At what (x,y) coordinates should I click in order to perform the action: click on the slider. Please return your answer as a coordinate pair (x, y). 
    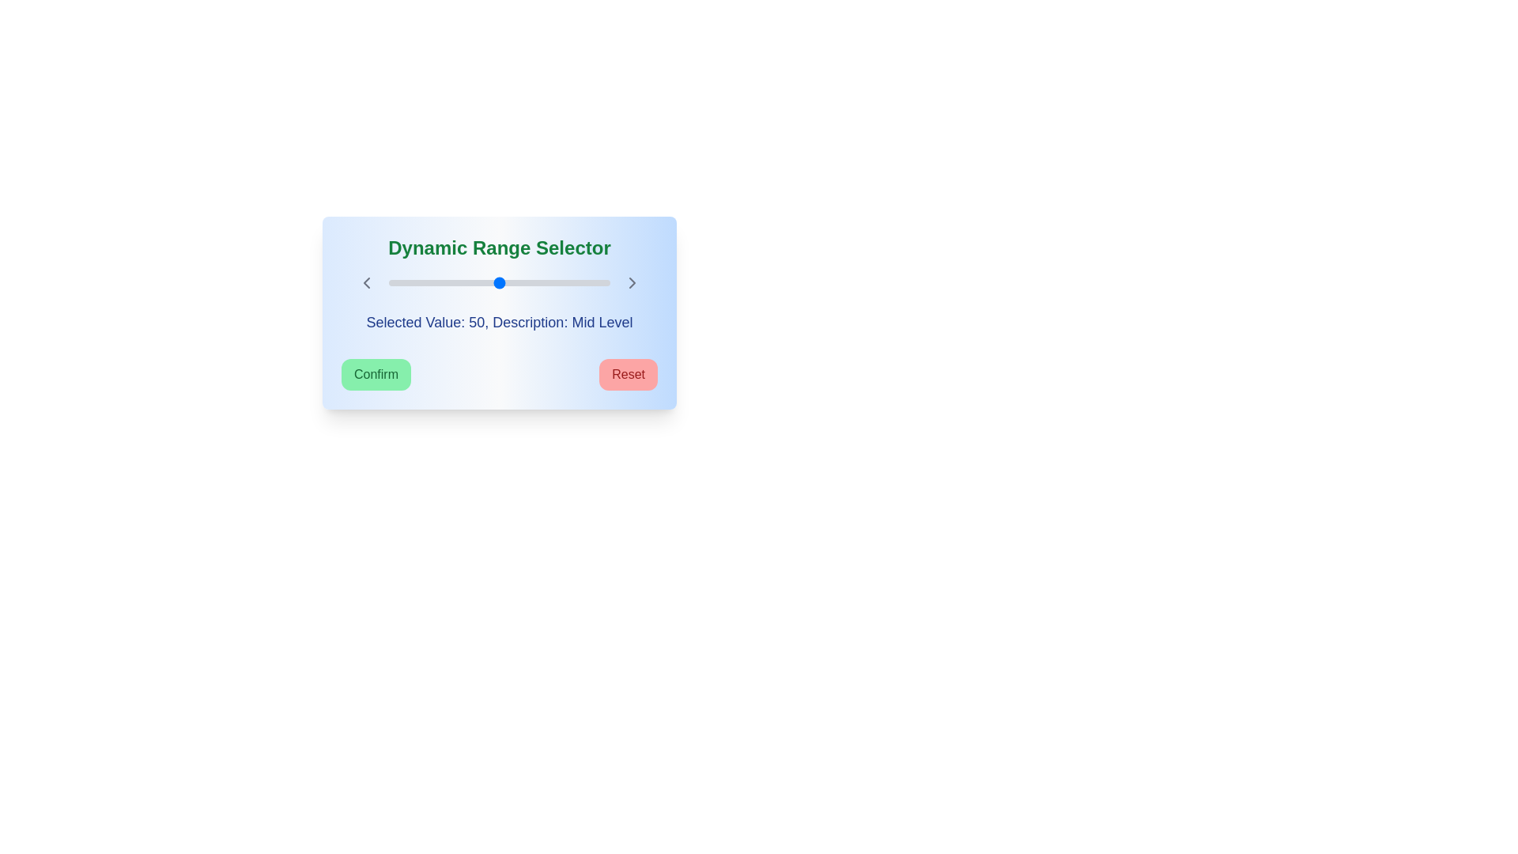
    Looking at the image, I should click on (542, 282).